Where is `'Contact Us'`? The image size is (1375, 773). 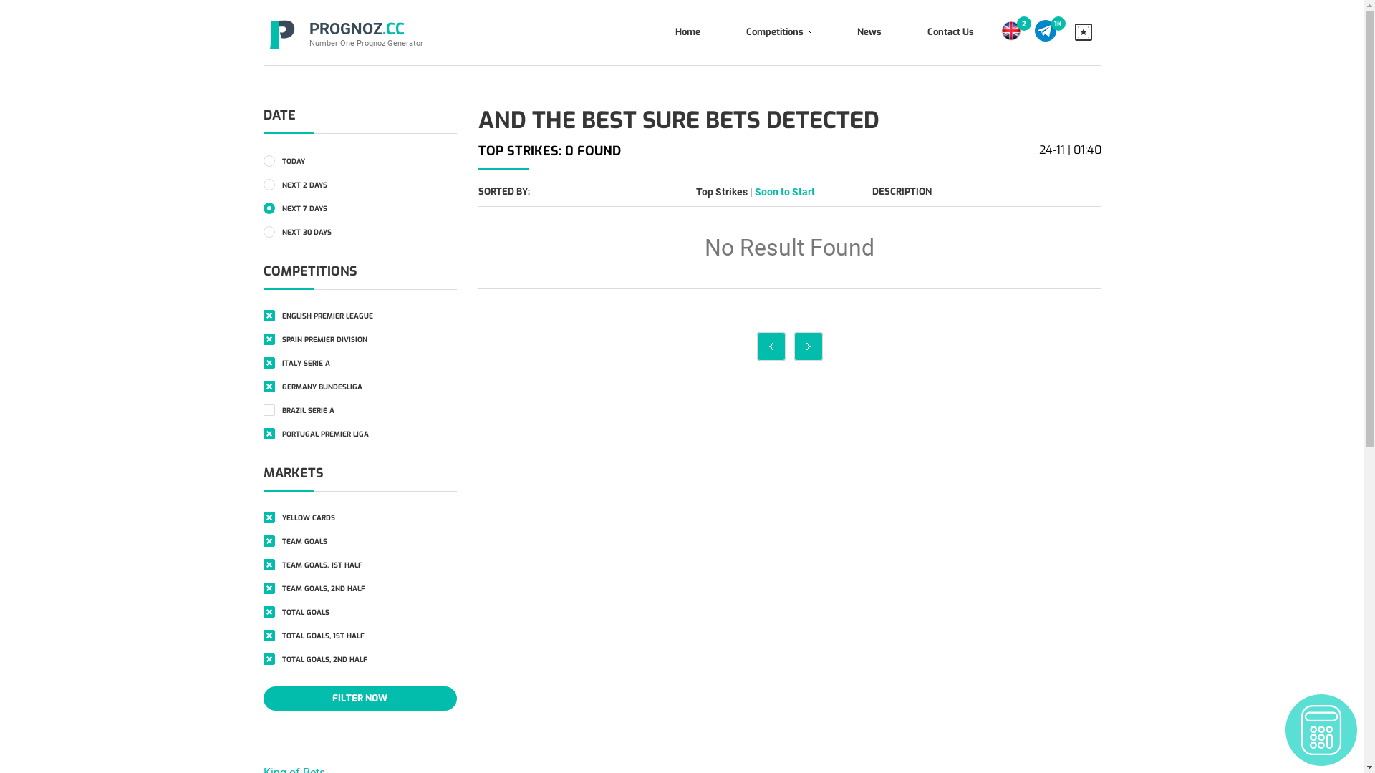 'Contact Us' is located at coordinates (950, 32).